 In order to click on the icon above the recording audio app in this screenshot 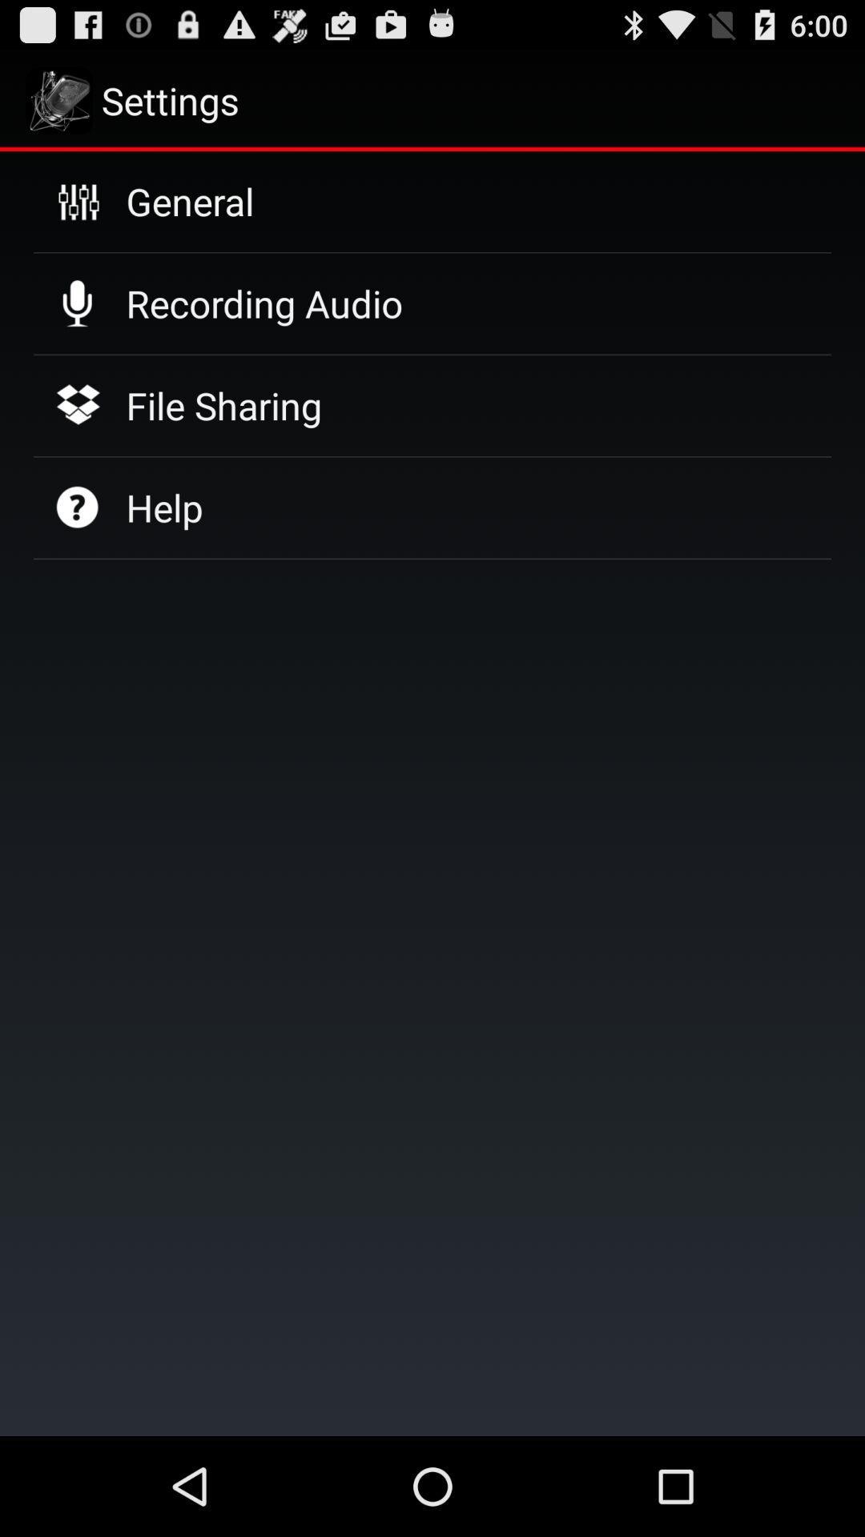, I will do `click(189, 200)`.